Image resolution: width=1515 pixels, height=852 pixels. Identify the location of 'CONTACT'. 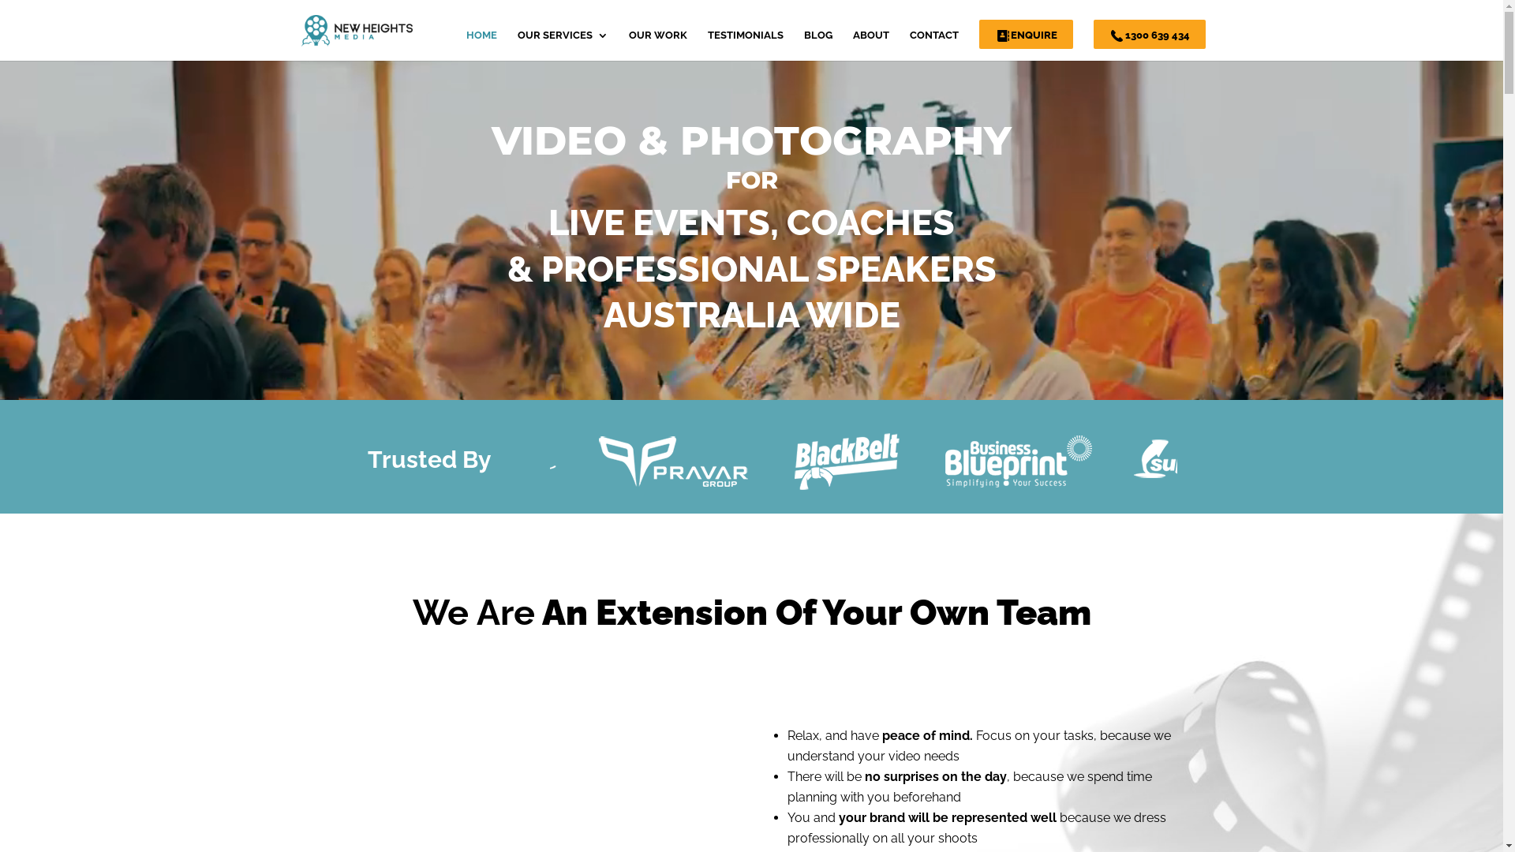
(933, 44).